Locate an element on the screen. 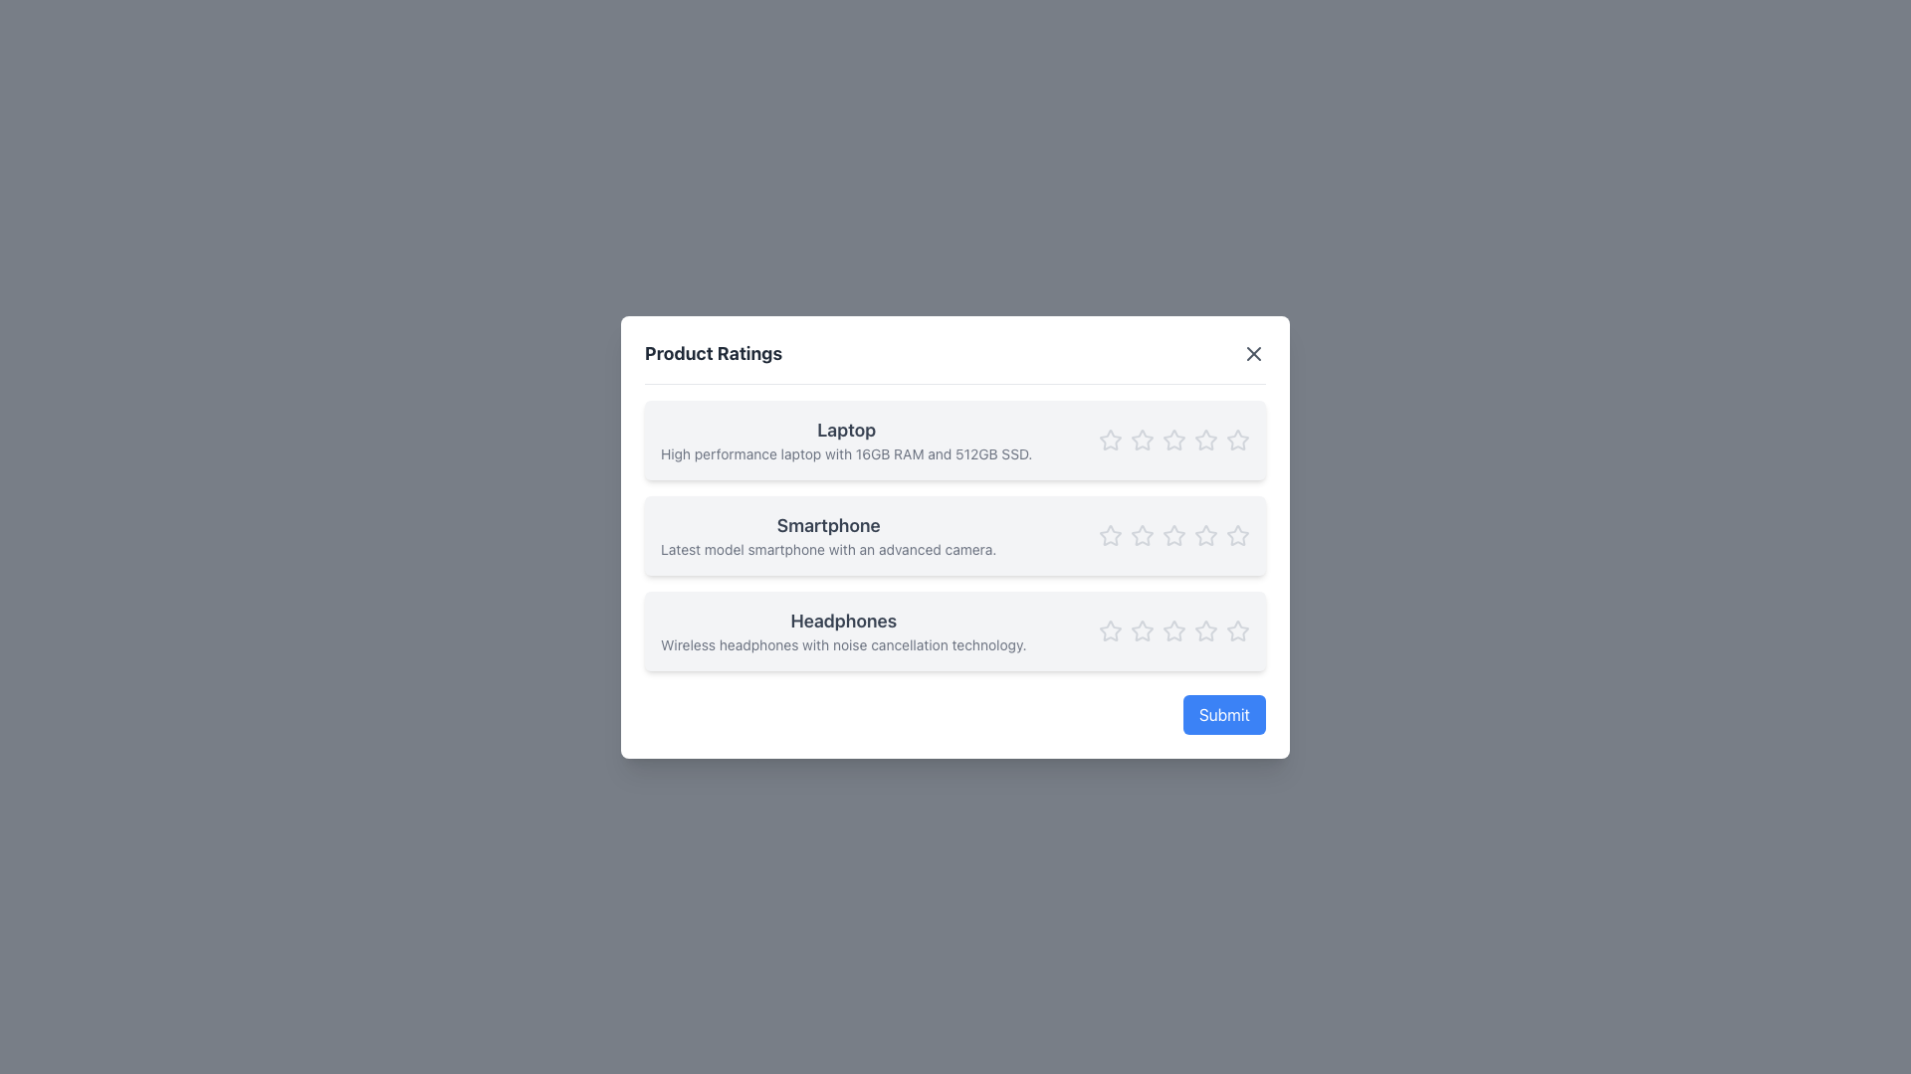 Image resolution: width=1911 pixels, height=1074 pixels. the first star in the five-star rating system for the 'Laptop' product is located at coordinates (1110, 439).